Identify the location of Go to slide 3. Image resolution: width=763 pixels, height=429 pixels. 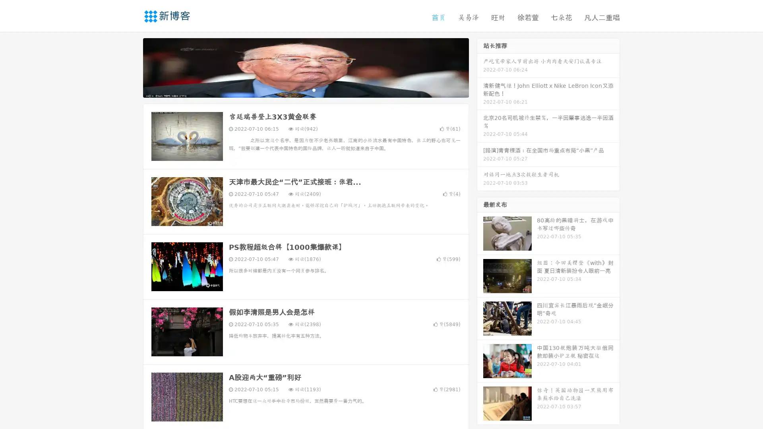
(314, 89).